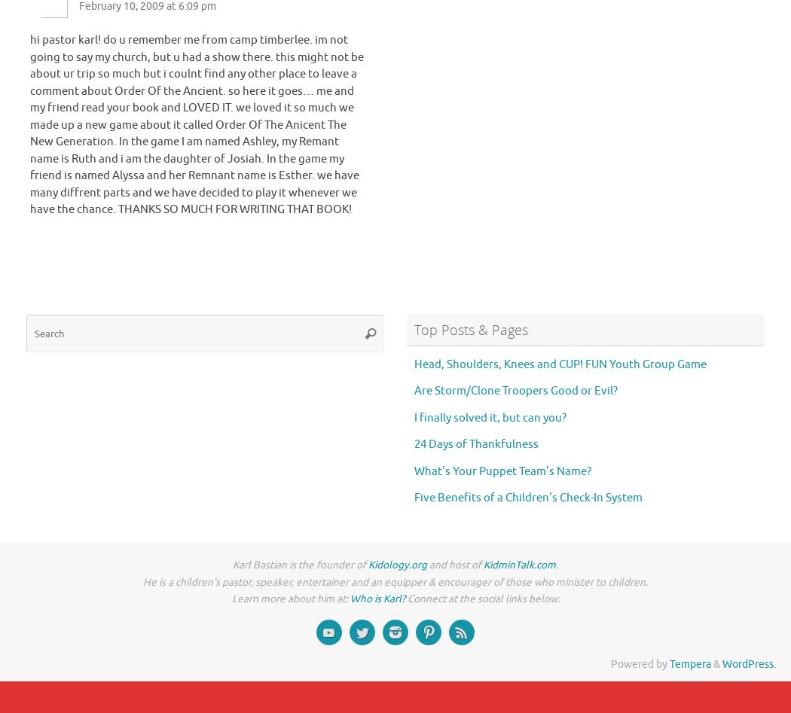 This screenshot has width=791, height=713. What do you see at coordinates (290, 599) in the screenshot?
I see `'Learn more about him at:'` at bounding box center [290, 599].